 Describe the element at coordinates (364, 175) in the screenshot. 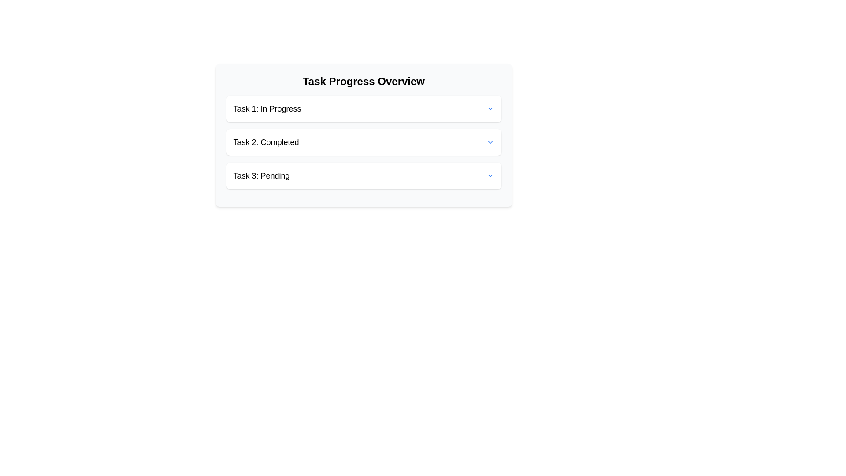

I see `the 'Task 3: Pending' dropdown menu element, which is the third item in the 'Task Progress Overview' section` at that location.